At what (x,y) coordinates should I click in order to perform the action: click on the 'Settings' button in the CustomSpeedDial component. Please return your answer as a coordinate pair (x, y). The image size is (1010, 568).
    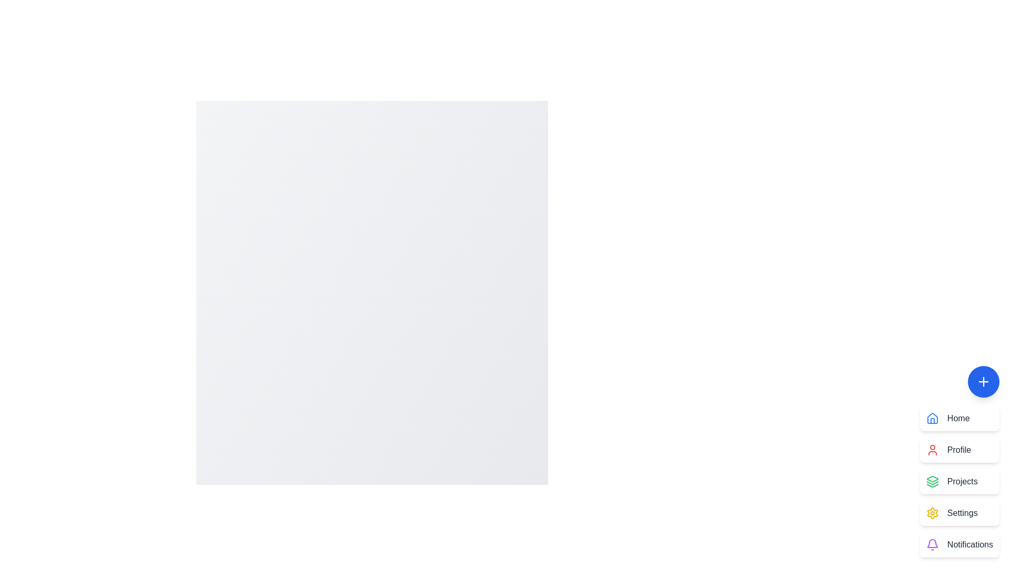
    Looking at the image, I should click on (959, 512).